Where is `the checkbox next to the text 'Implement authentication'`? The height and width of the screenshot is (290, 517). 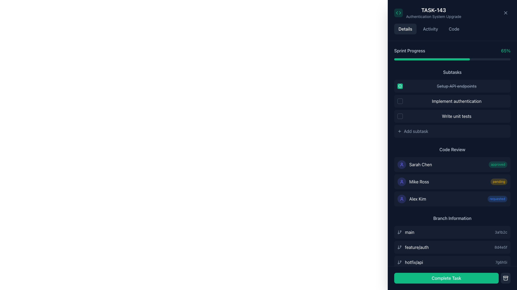 the checkbox next to the text 'Implement authentication' is located at coordinates (400, 101).